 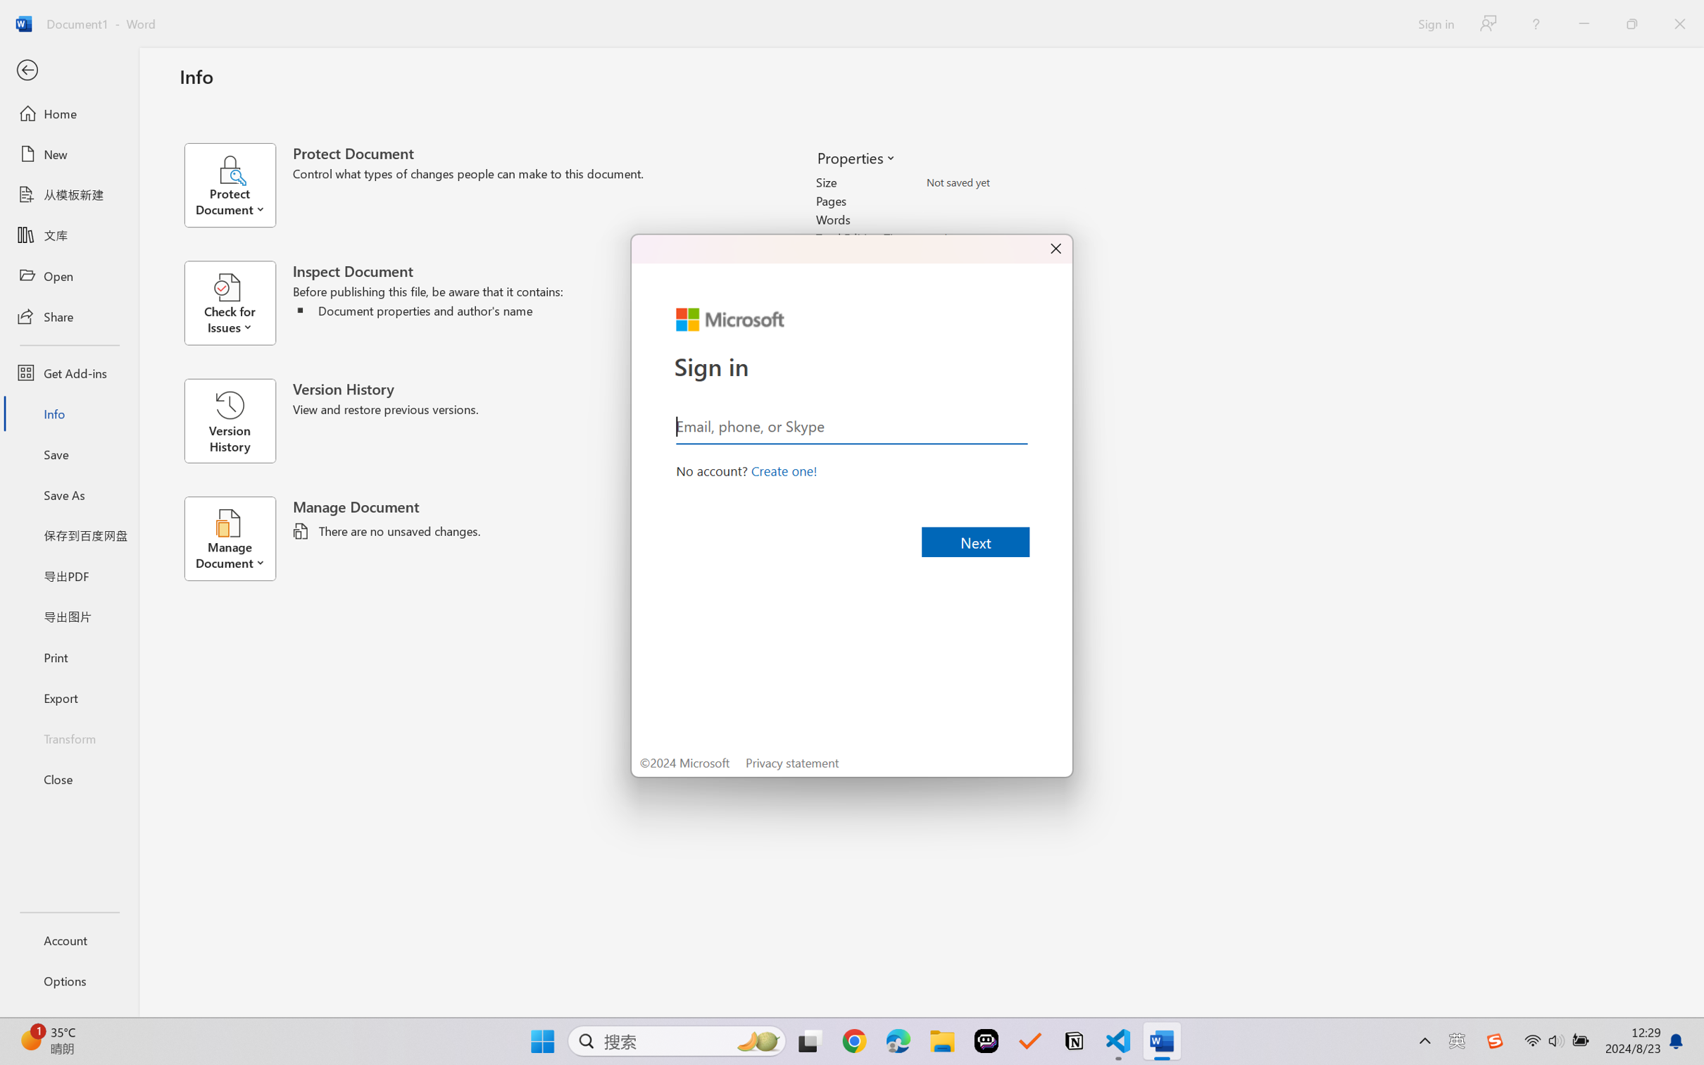 I want to click on 'Manage Document', so click(x=237, y=538).